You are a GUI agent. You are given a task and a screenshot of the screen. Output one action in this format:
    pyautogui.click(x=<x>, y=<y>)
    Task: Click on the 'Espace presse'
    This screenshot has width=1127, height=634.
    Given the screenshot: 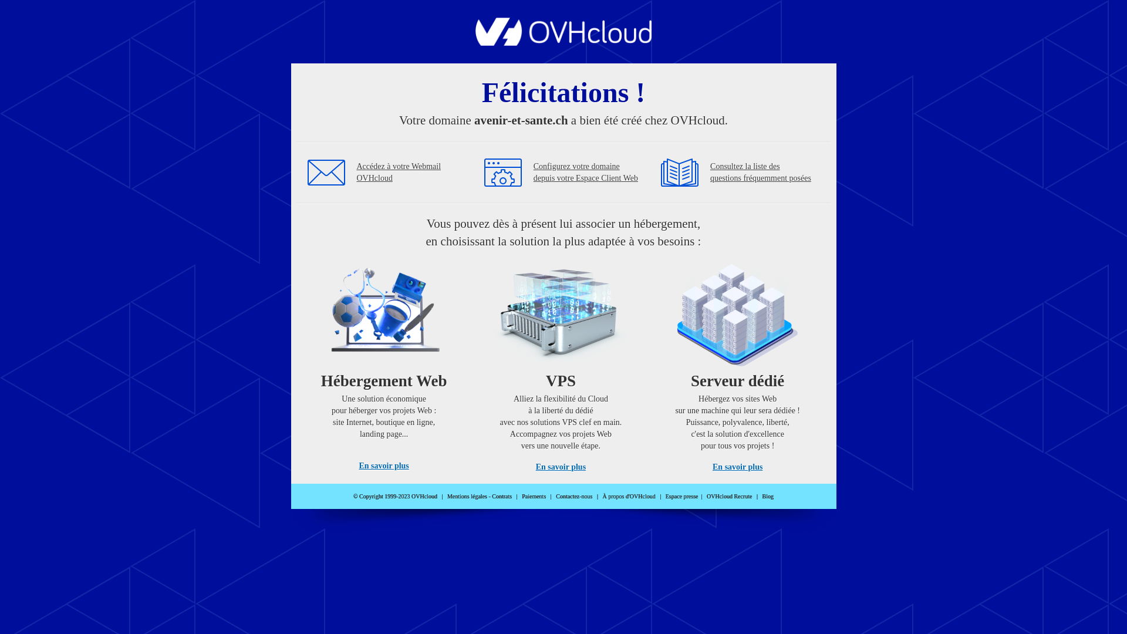 What is the action you would take?
    pyautogui.click(x=681, y=496)
    